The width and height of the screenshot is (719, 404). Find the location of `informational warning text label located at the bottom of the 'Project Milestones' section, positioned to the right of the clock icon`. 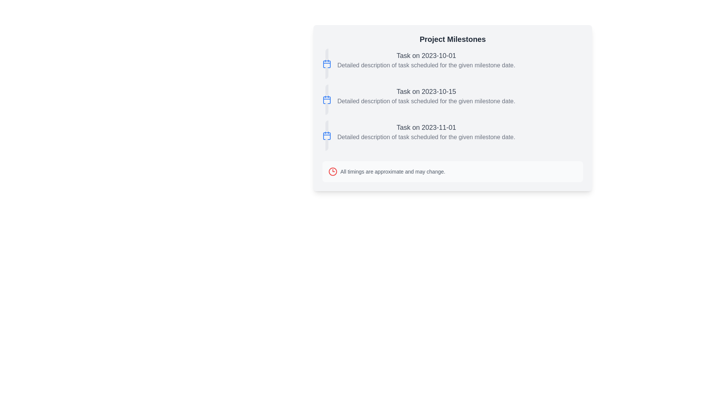

informational warning text label located at the bottom of the 'Project Milestones' section, positioned to the right of the clock icon is located at coordinates (392, 172).